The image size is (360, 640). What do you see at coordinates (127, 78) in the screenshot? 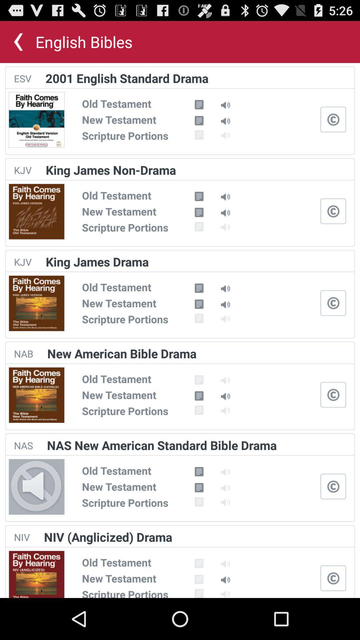
I see `item next to the esv item` at bounding box center [127, 78].